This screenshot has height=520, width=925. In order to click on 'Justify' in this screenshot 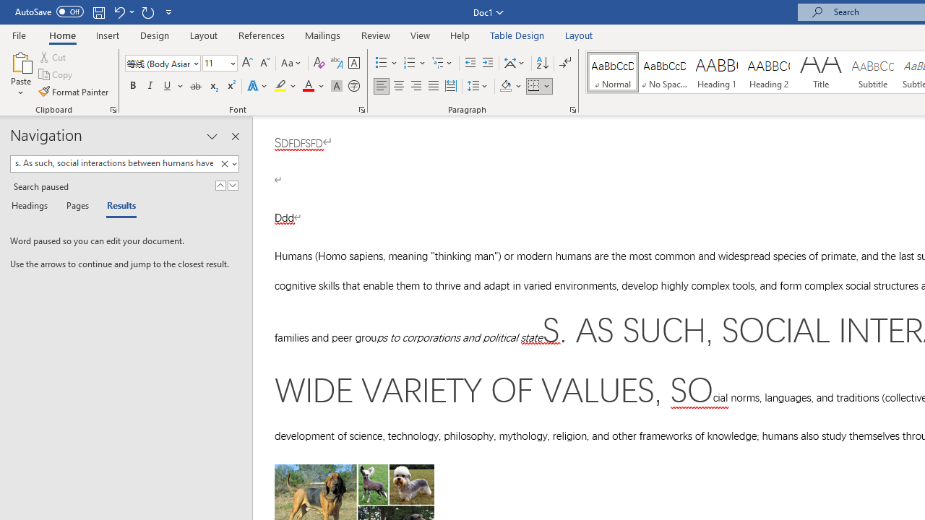, I will do `click(432, 86)`.